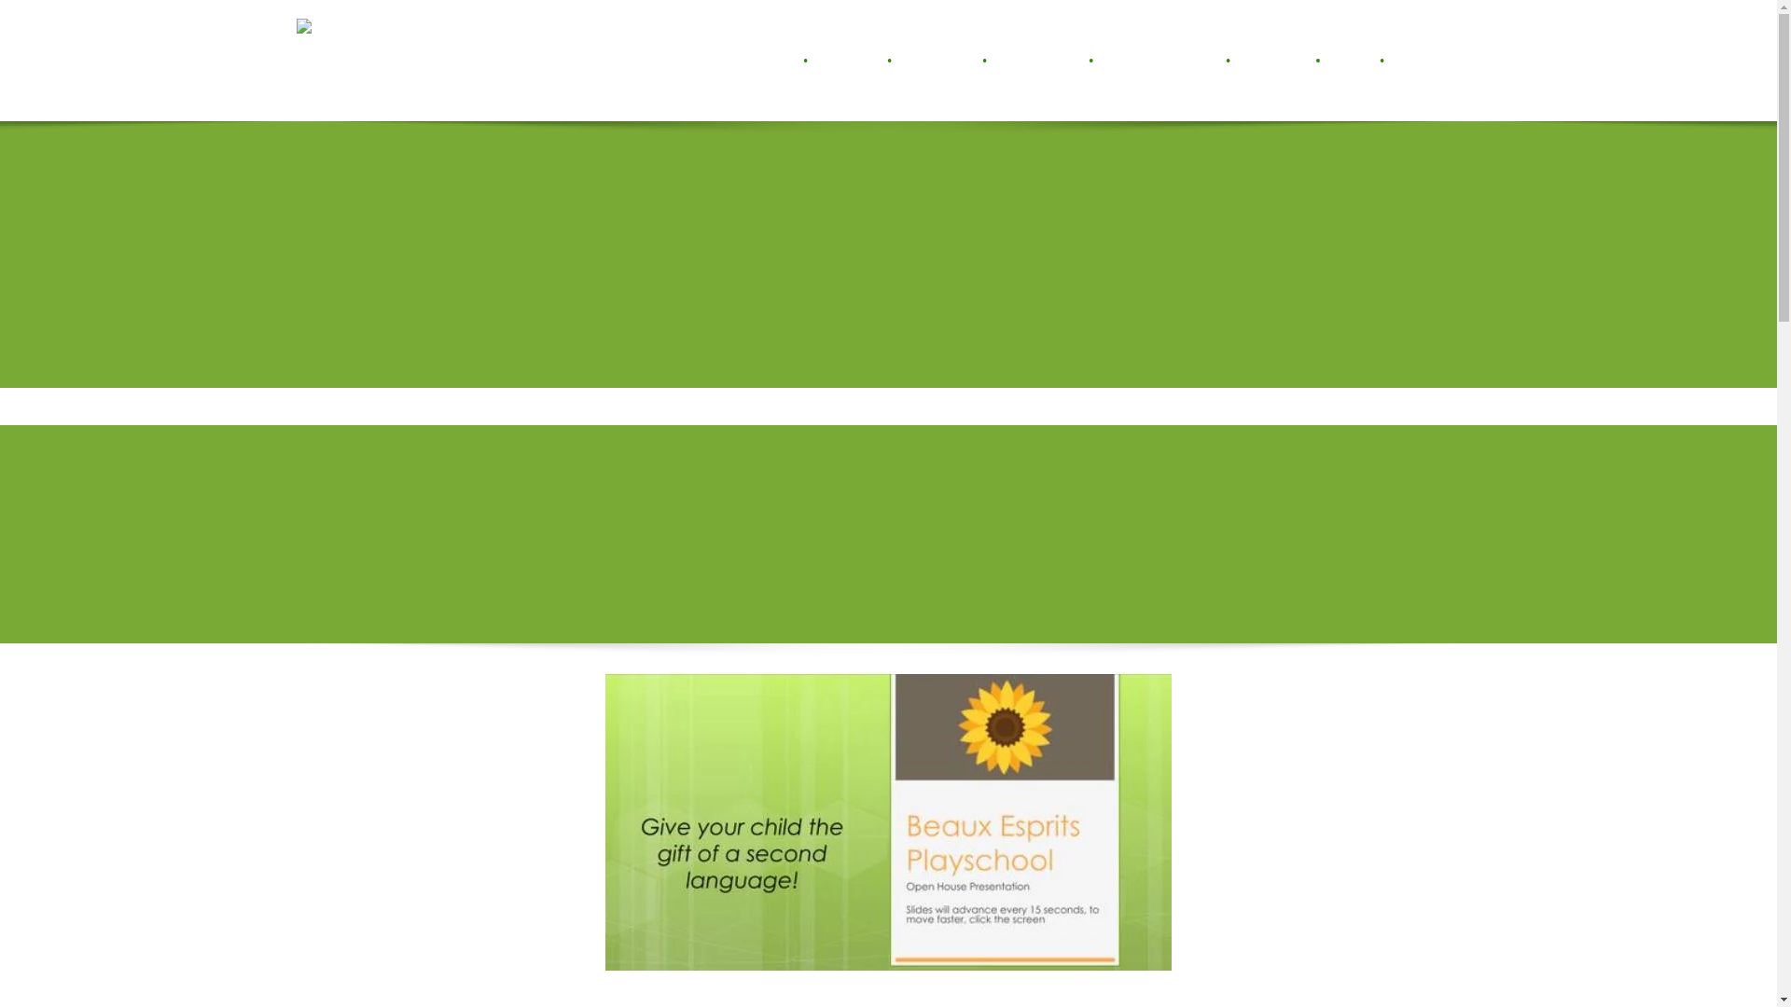 This screenshot has width=1791, height=1007. I want to click on 'Go to site home page', so click(339, 60).